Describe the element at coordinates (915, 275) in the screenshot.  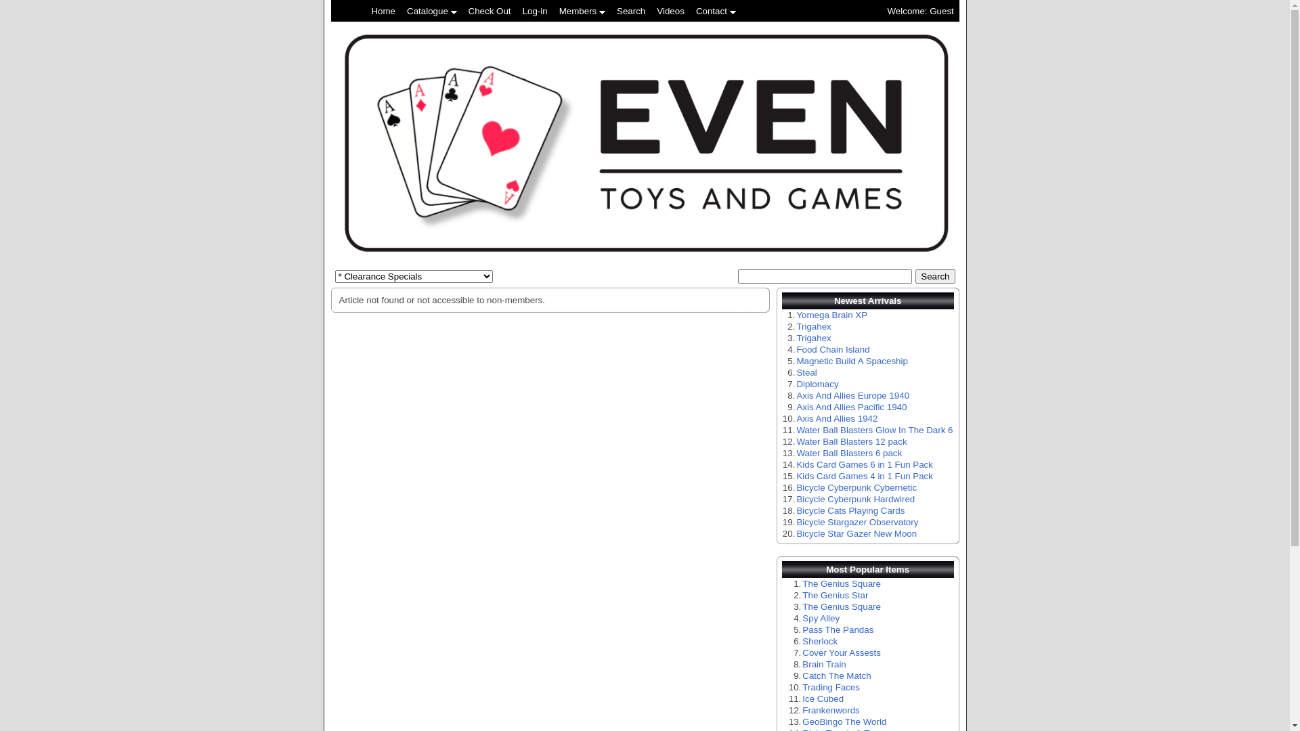
I see `'Search'` at that location.